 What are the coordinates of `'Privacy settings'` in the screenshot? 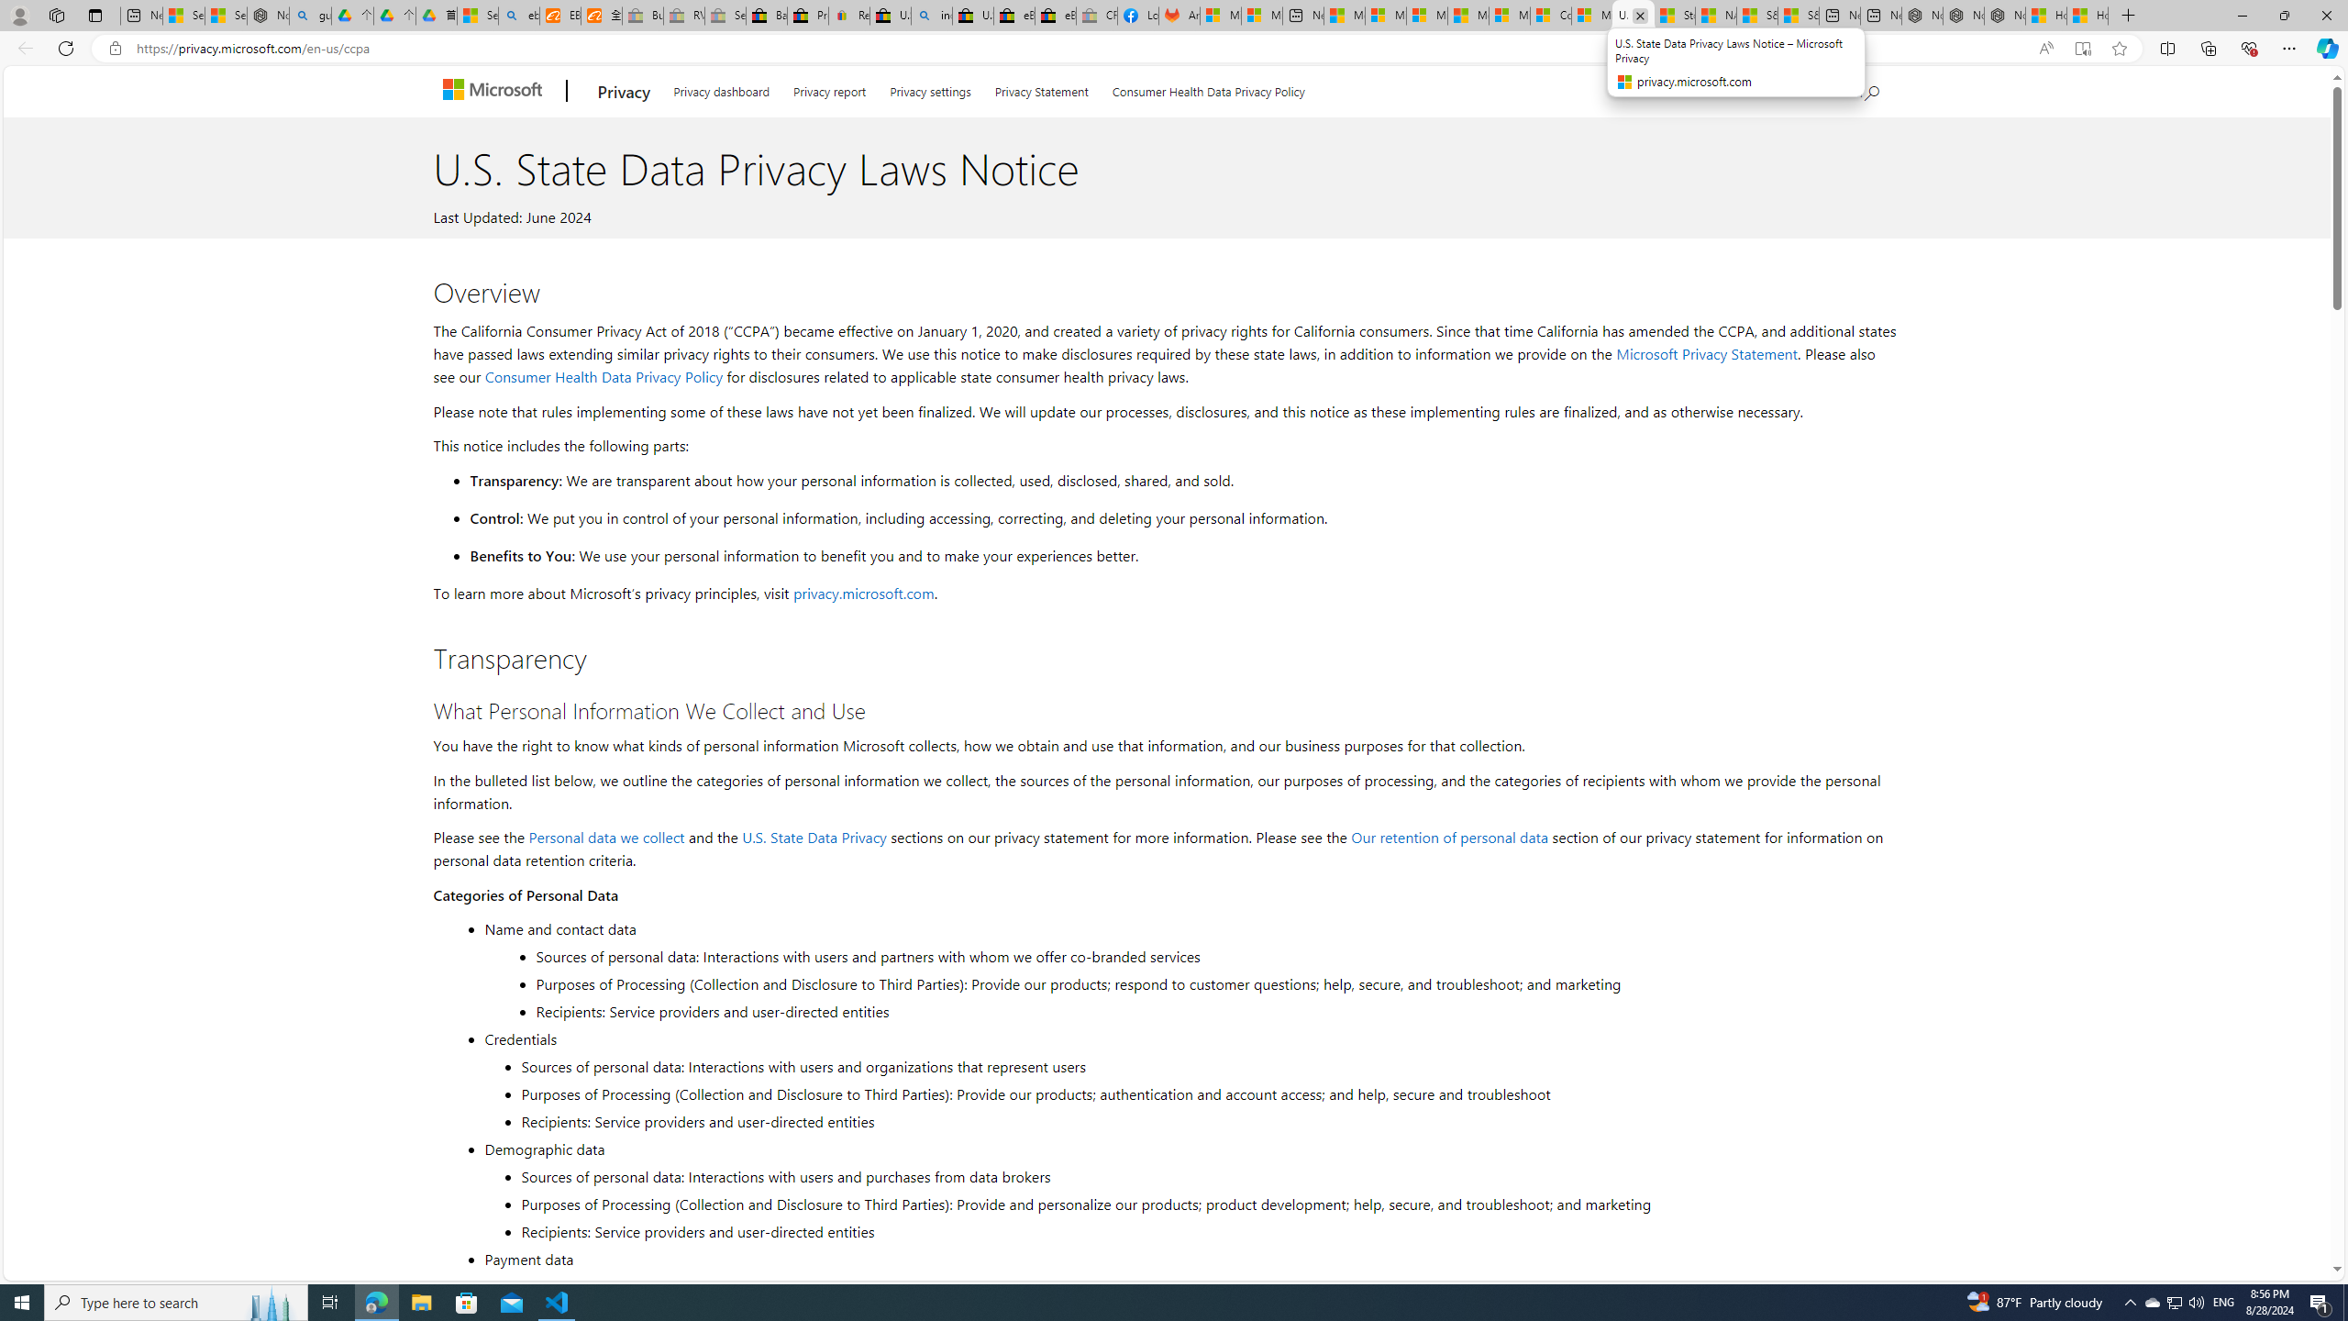 It's located at (928, 88).